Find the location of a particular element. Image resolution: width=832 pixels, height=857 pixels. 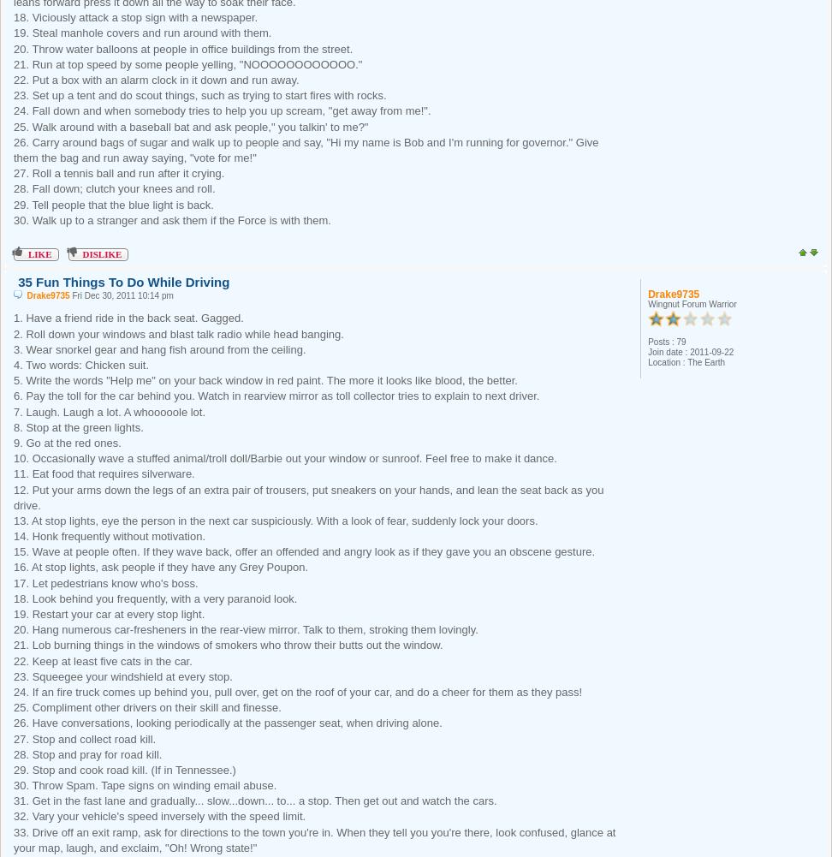

'14. Honk frequently without motivation.' is located at coordinates (110, 536).